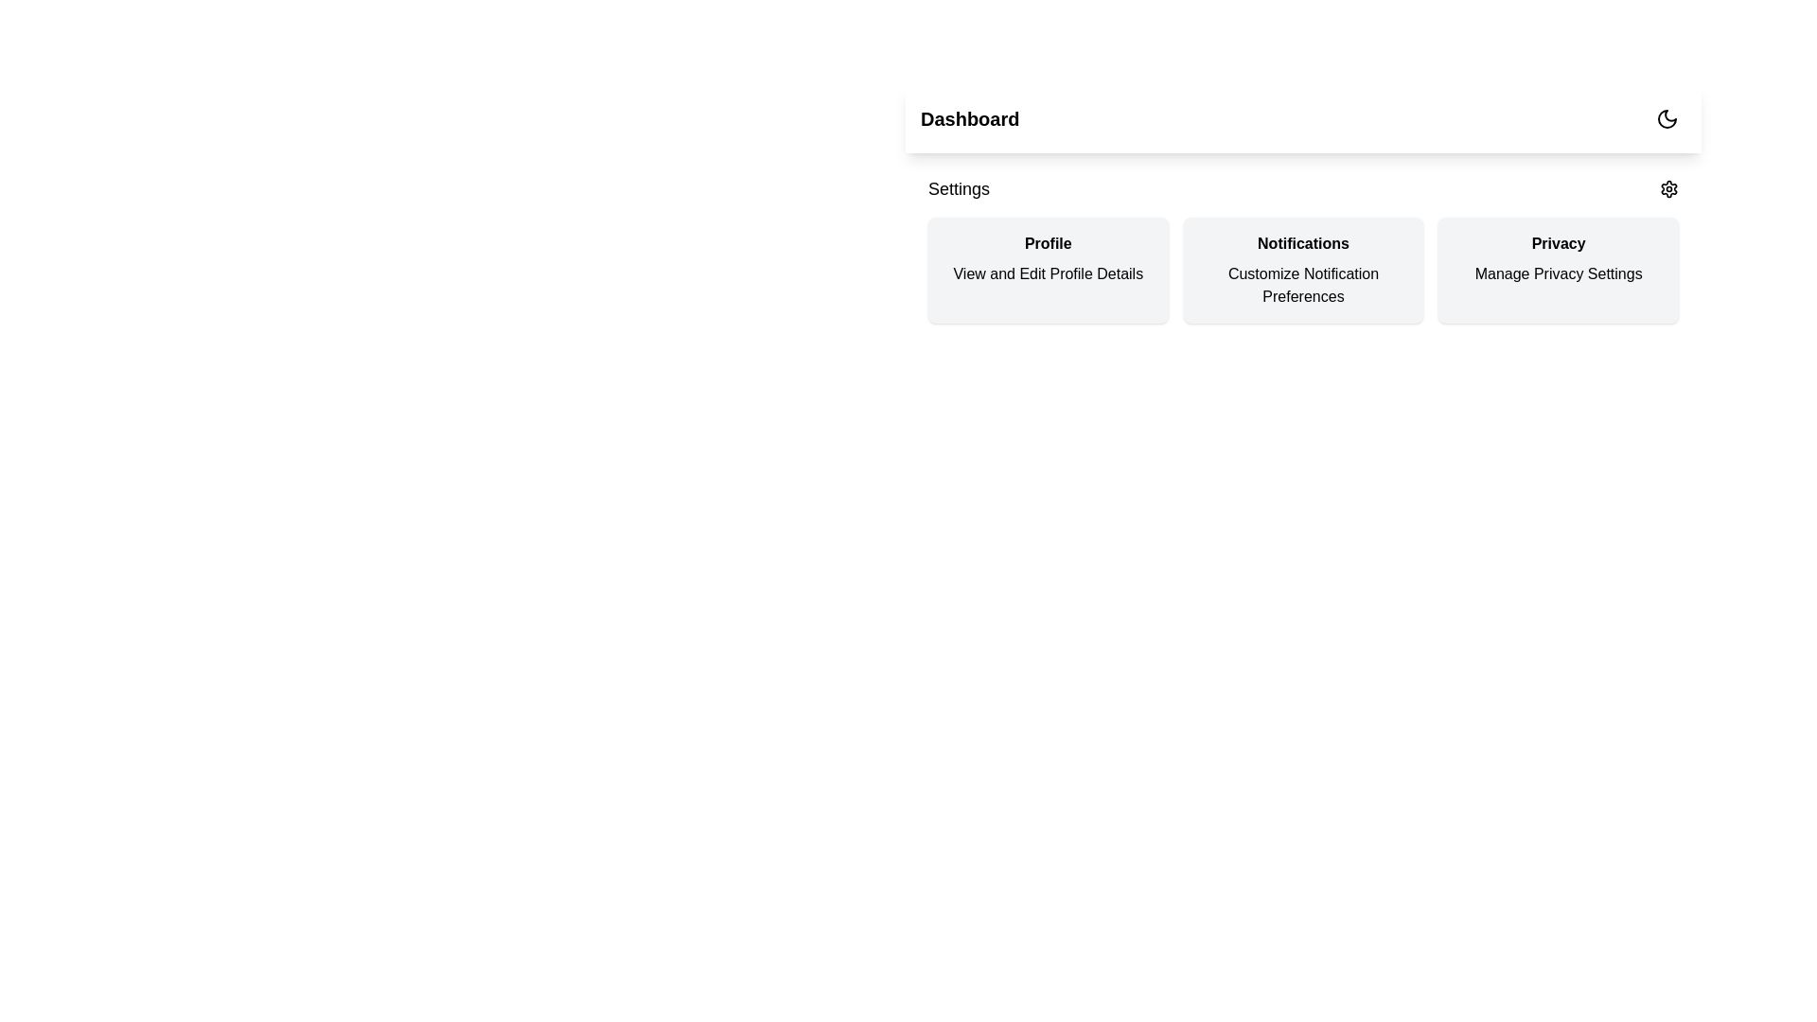  Describe the element at coordinates (1302, 243) in the screenshot. I see `the 'Notifications' text label element, which is styled in bold black font on a light gray background and is positioned at the top of the box containing 'Customize Notification Preferences.'` at that location.